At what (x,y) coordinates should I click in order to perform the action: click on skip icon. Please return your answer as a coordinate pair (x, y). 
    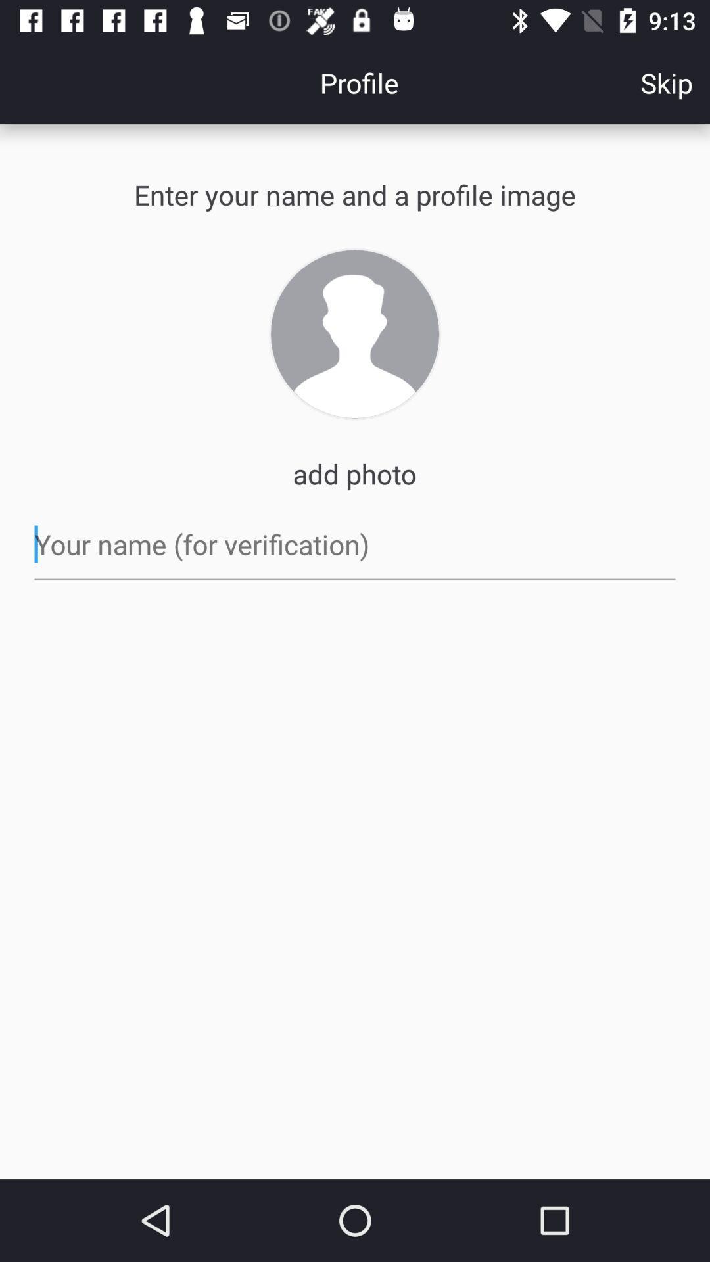
    Looking at the image, I should click on (667, 82).